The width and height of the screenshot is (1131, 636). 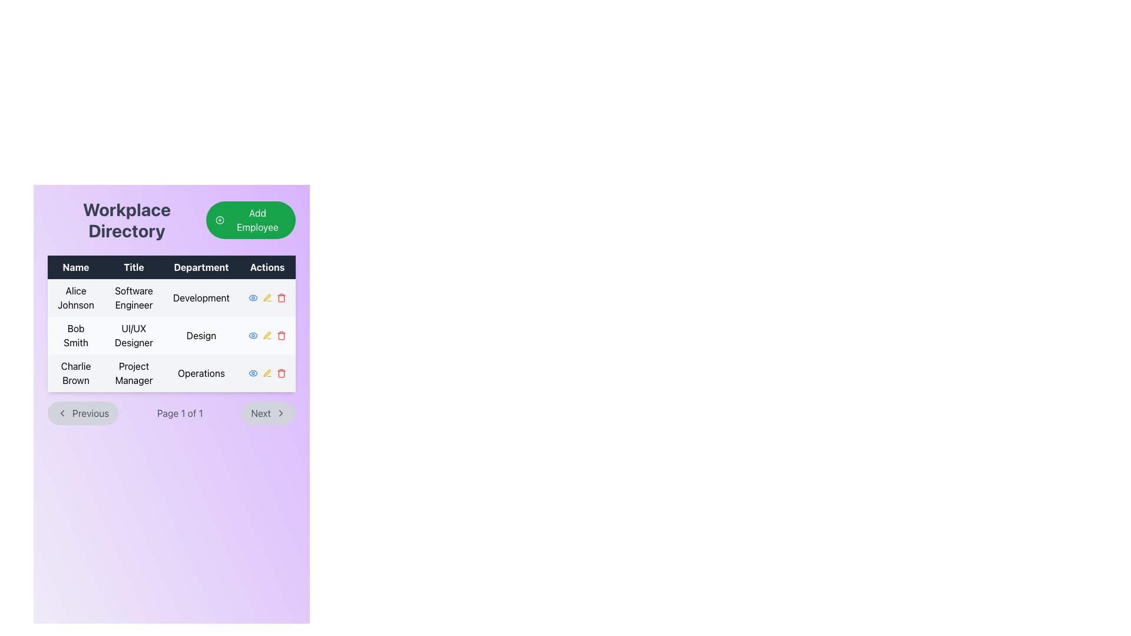 I want to click on the red trash can icon button in the last row of the actions column, so click(x=280, y=373).